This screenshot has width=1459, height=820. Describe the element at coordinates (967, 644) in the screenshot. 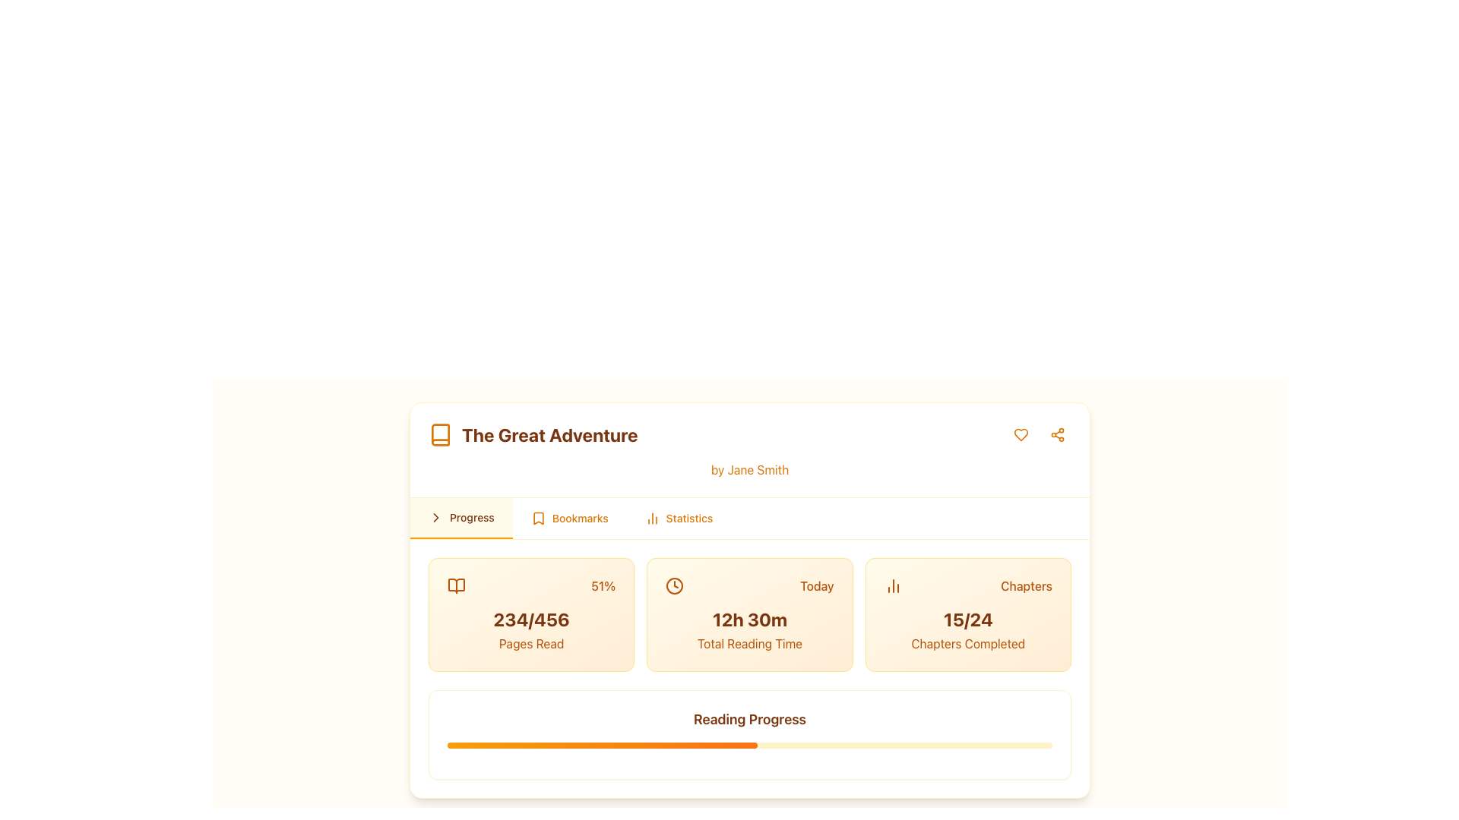

I see `the text label that describes the chapters completed out of the total, located at the bottom center of the card layout below the numeric summary '15/24'` at that location.